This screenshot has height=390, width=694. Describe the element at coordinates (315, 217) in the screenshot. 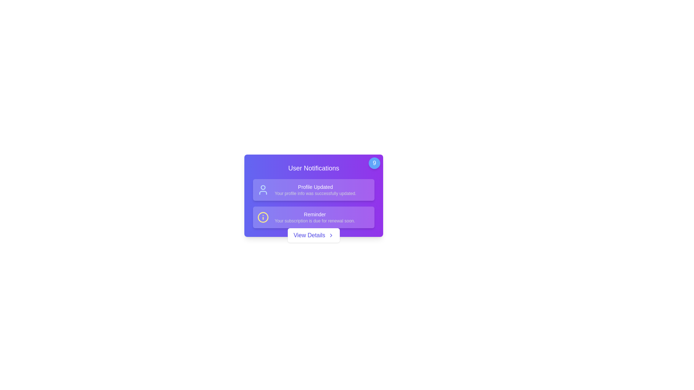

I see `notification message displayed in the second notification card of the 'User Notifications' section, located below the 'info' icon` at that location.